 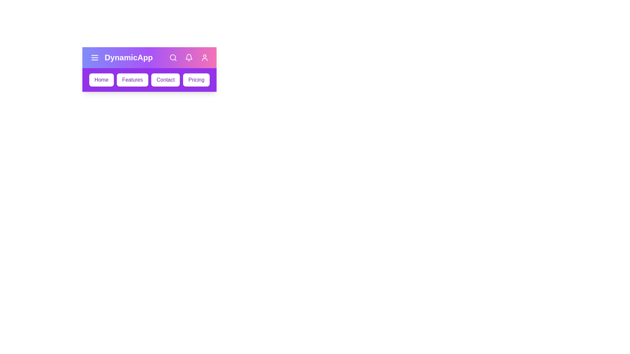 I want to click on the Home tab to navigate to the corresponding section, so click(x=101, y=79).